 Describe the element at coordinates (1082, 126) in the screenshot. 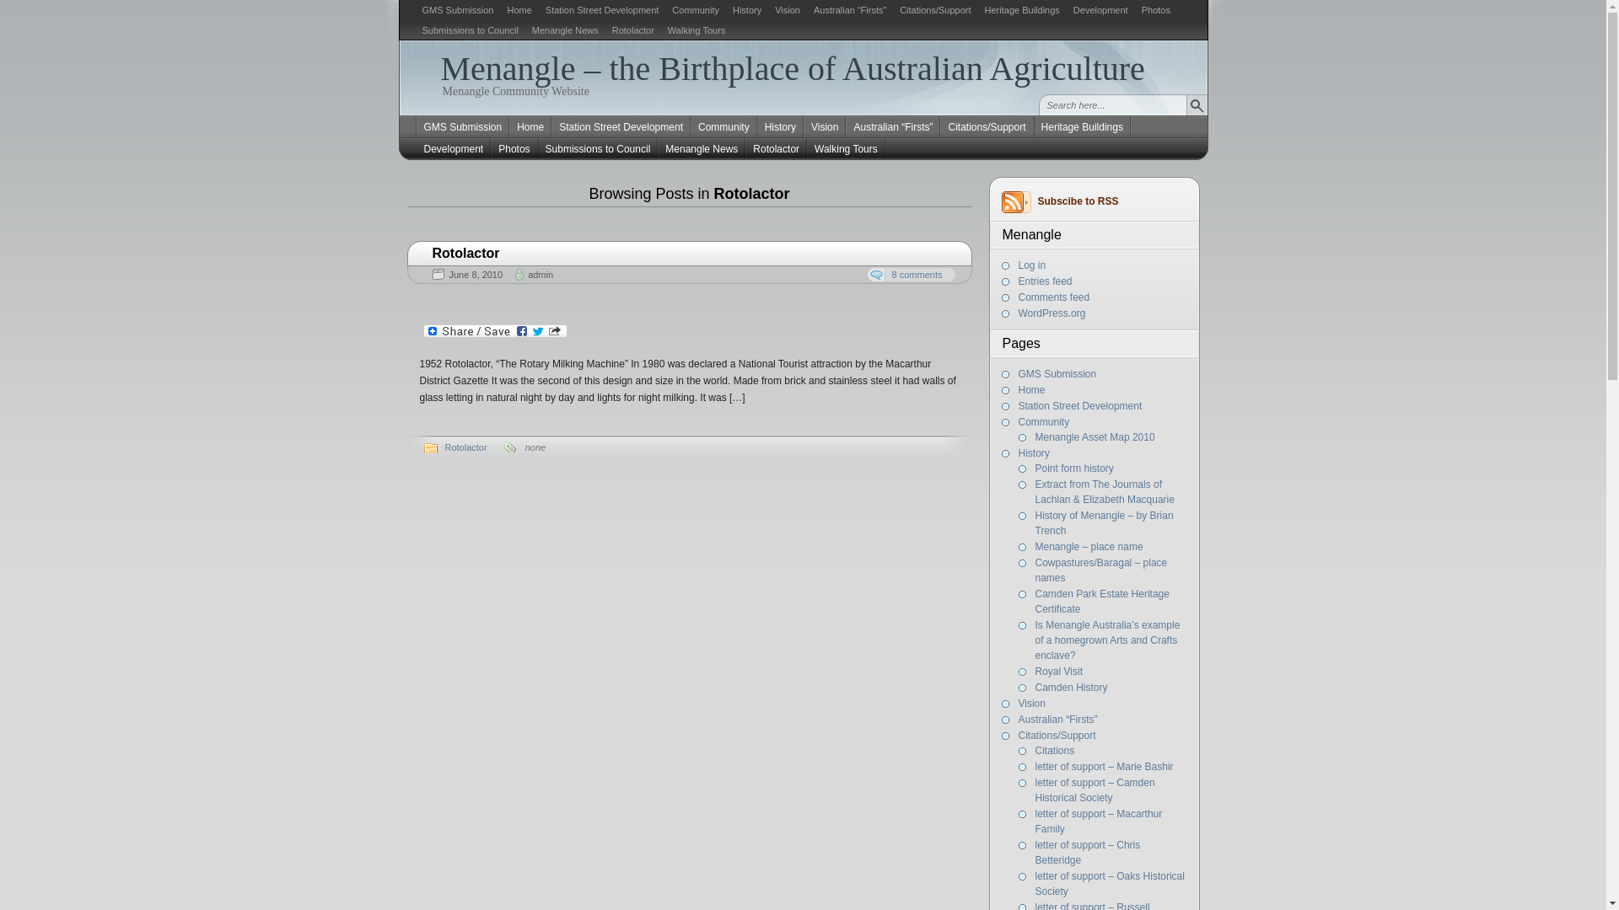

I see `'Heritage Buildings'` at that location.